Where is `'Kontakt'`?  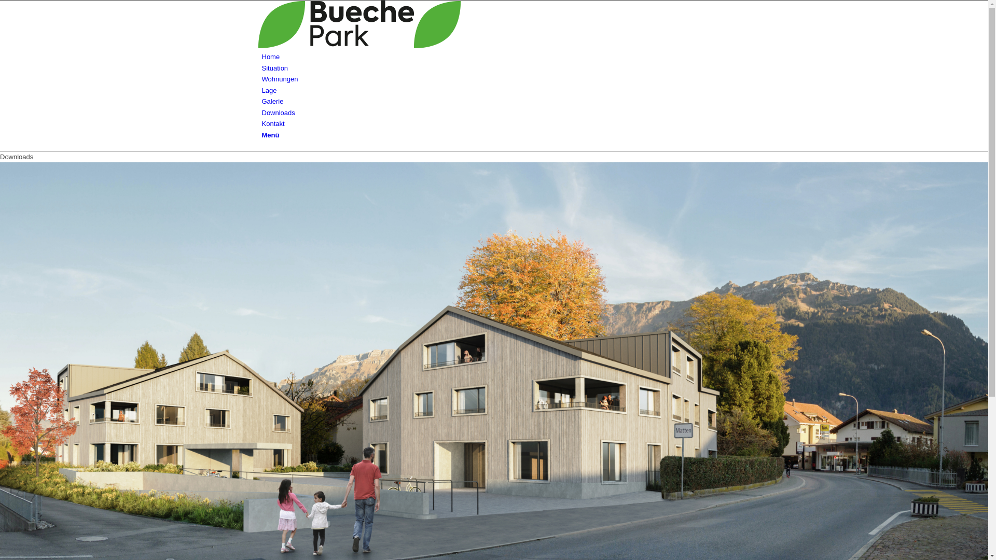
'Kontakt' is located at coordinates (273, 123).